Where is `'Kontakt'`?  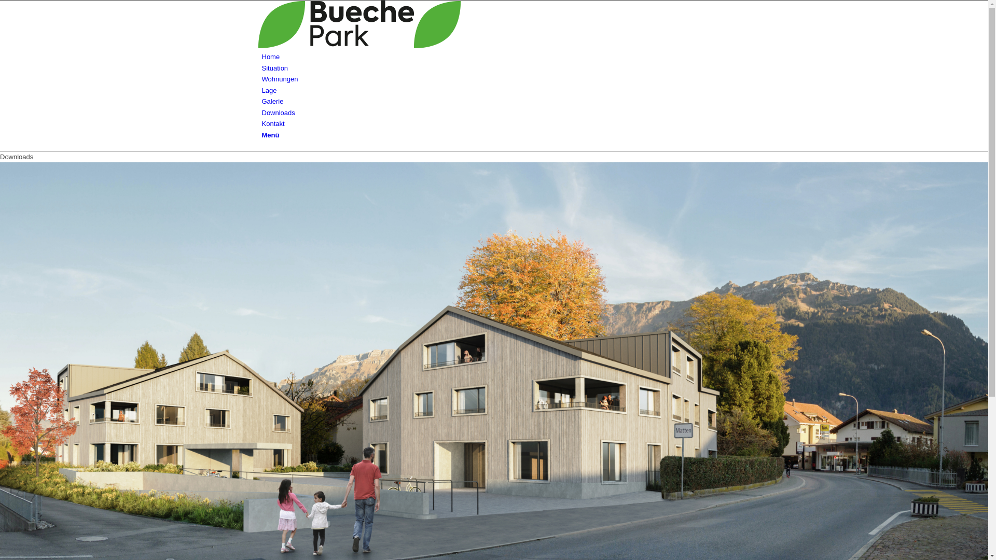
'Kontakt' is located at coordinates (273, 123).